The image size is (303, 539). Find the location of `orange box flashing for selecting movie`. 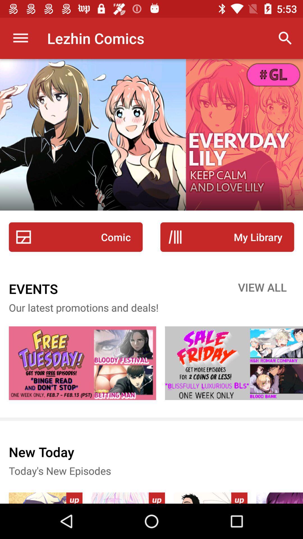

orange box flashing for selecting movie is located at coordinates (234, 363).